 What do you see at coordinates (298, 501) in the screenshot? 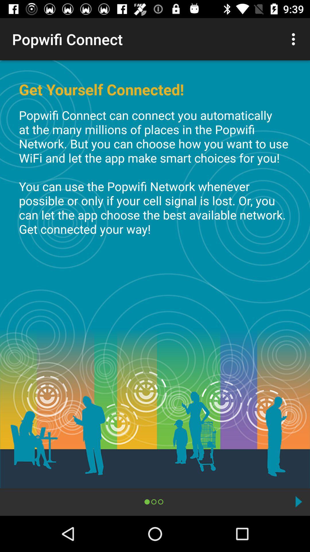
I see `next` at bounding box center [298, 501].